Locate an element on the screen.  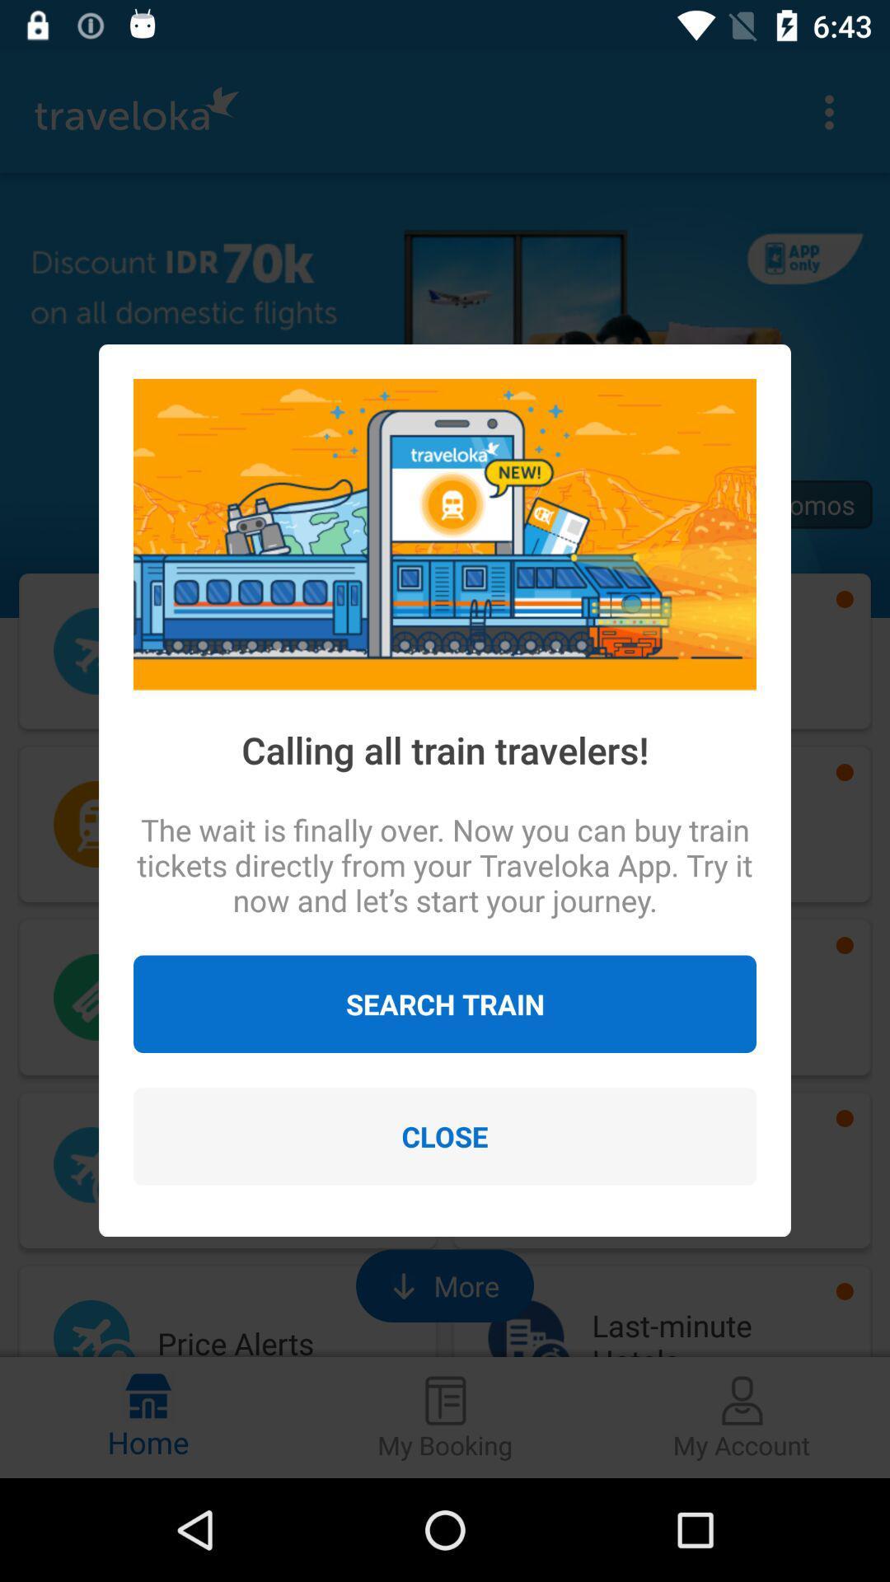
the item below the the wait is item is located at coordinates (445, 1003).